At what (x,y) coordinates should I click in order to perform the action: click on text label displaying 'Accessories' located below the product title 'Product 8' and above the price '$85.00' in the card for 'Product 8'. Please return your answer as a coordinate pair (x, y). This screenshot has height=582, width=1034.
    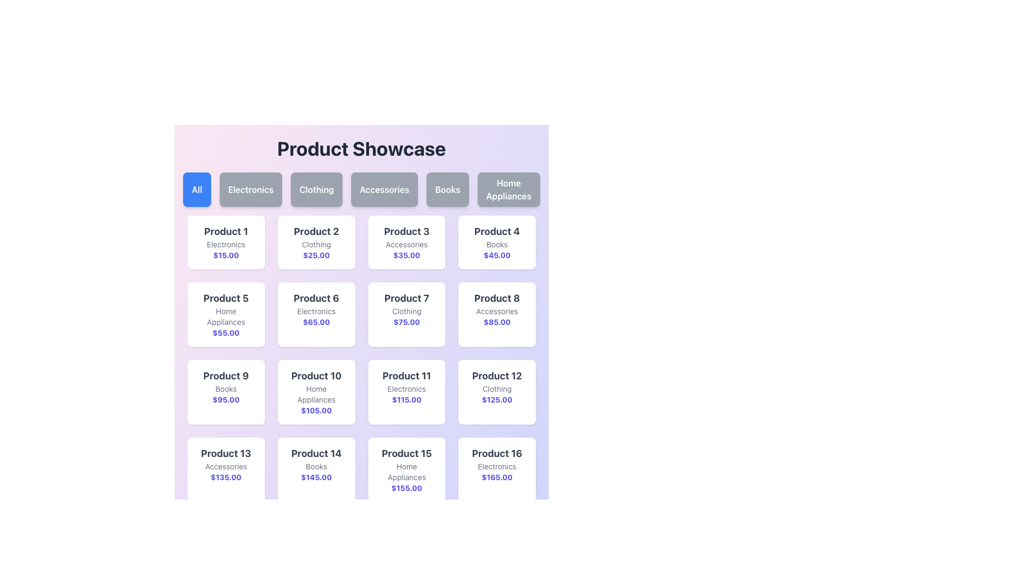
    Looking at the image, I should click on (497, 311).